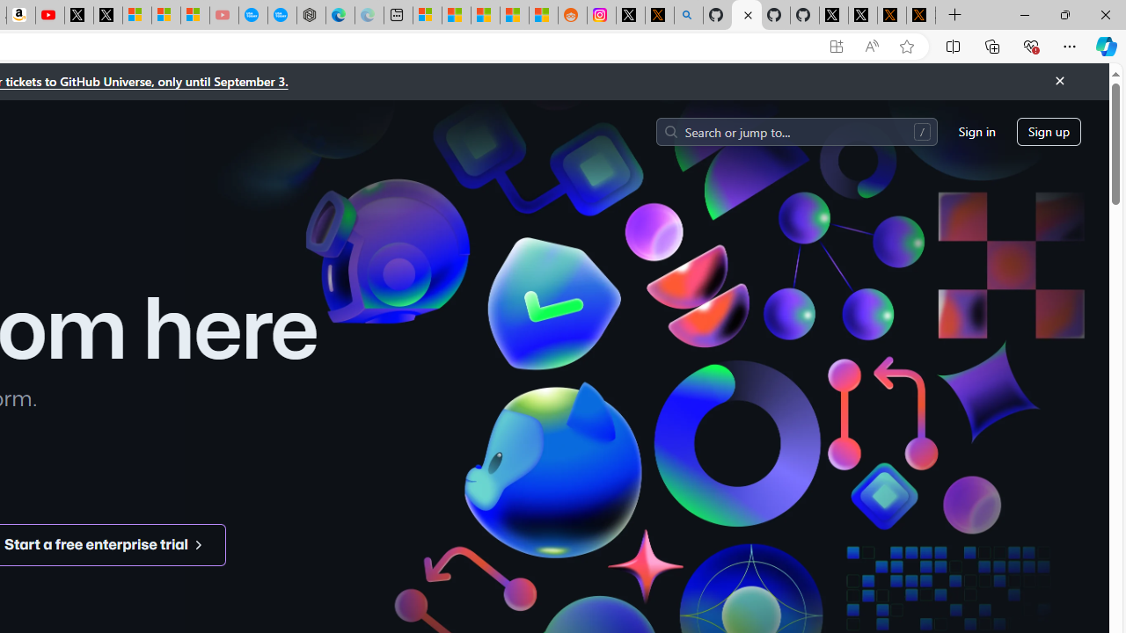 This screenshot has width=1126, height=633. What do you see at coordinates (252, 15) in the screenshot?
I see `'Opinion: Op-Ed and Commentary - USA TODAY'` at bounding box center [252, 15].